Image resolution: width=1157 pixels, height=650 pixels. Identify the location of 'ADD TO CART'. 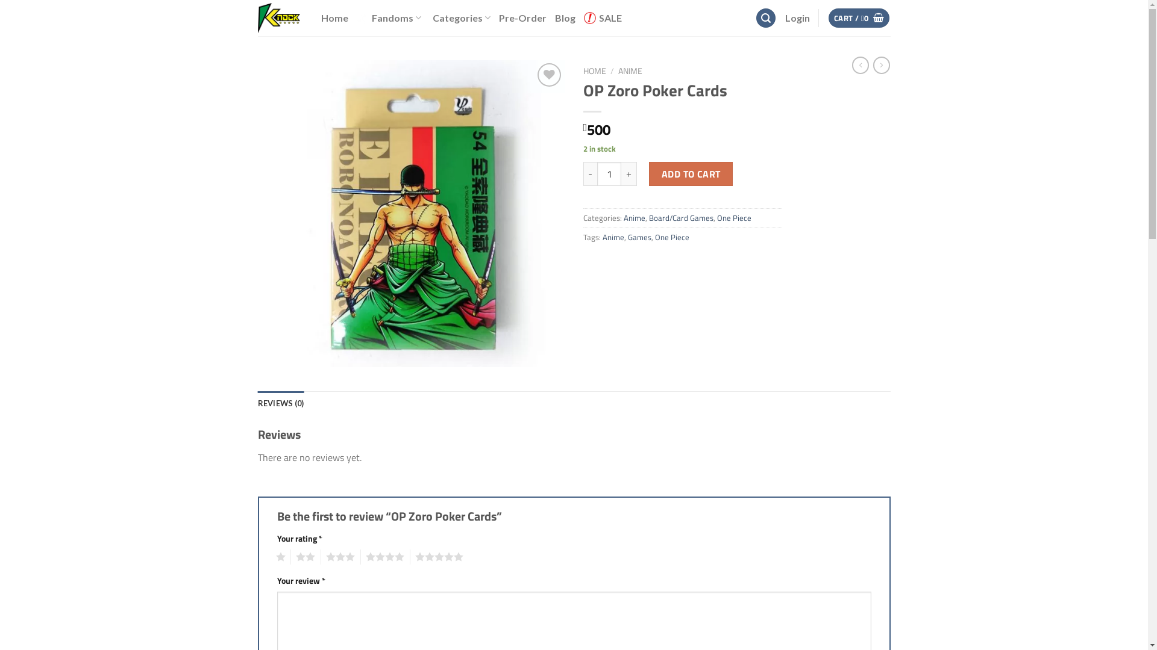
(691, 174).